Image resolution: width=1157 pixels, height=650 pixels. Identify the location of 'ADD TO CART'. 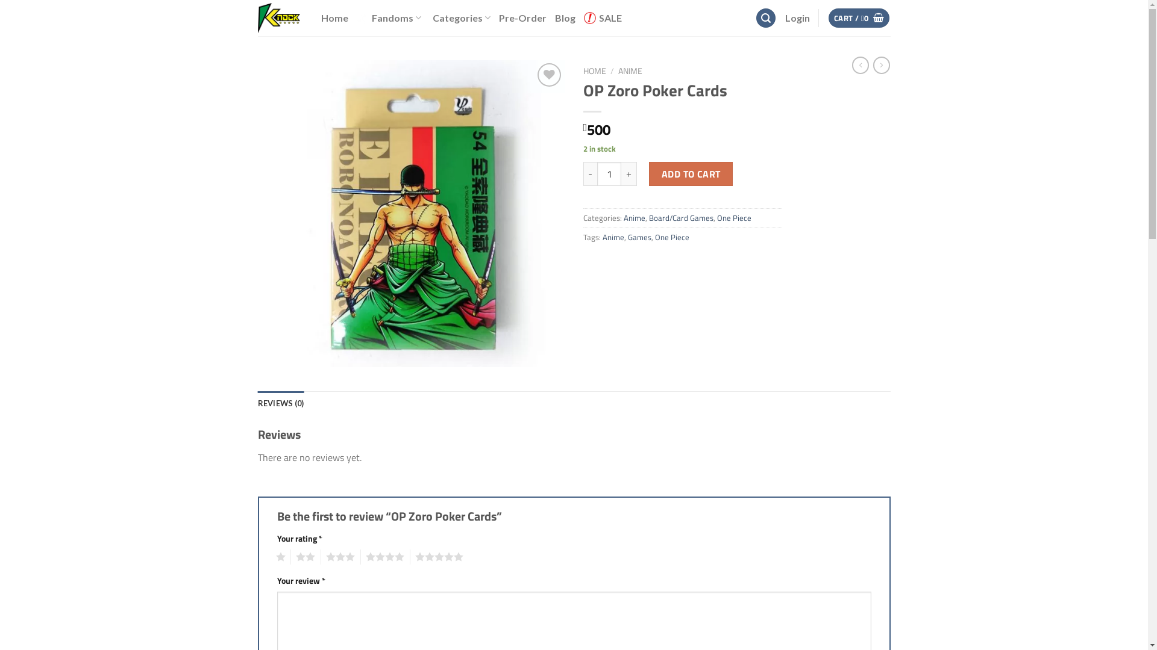
(691, 174).